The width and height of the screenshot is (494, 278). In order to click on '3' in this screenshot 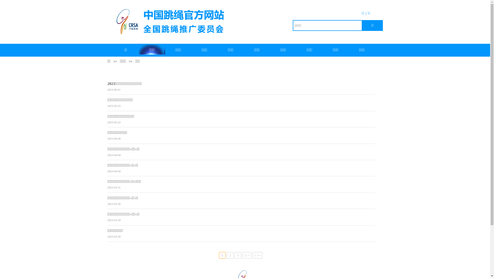, I will do `click(238, 255)`.